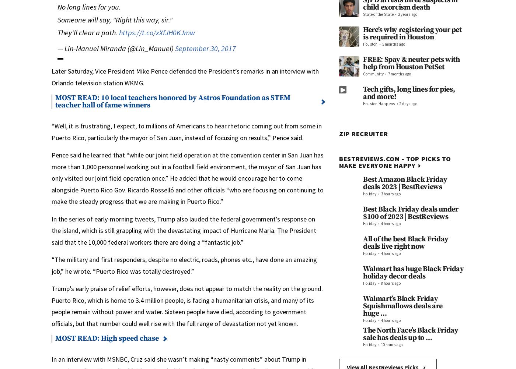  Describe the element at coordinates (107, 338) in the screenshot. I see `'MOST READ: High speed chase'` at that location.